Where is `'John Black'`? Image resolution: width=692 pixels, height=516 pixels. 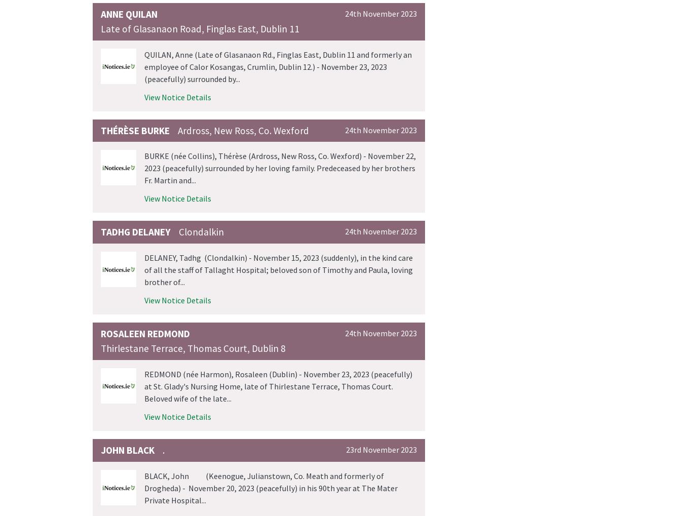 'John Black' is located at coordinates (128, 449).